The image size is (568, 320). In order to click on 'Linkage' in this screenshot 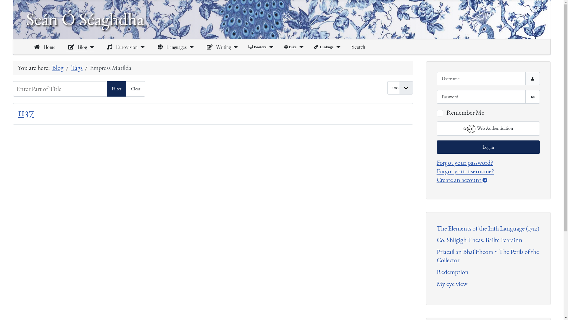, I will do `click(323, 47)`.